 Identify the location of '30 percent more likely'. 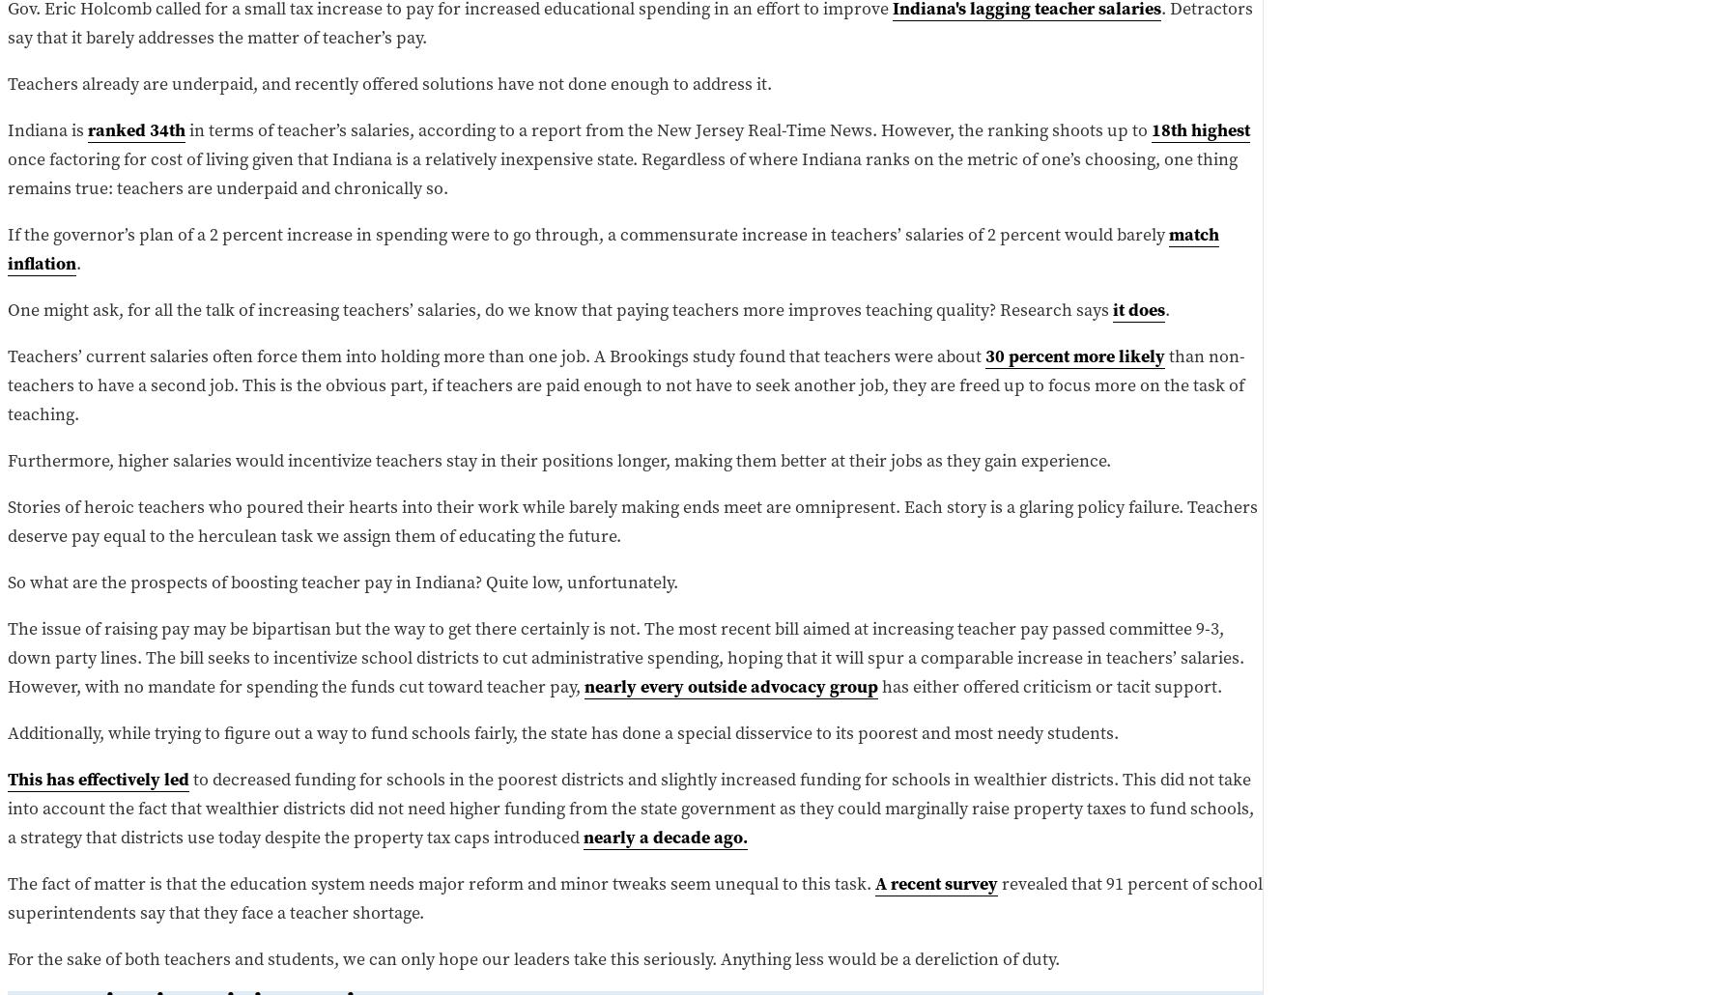
(1074, 355).